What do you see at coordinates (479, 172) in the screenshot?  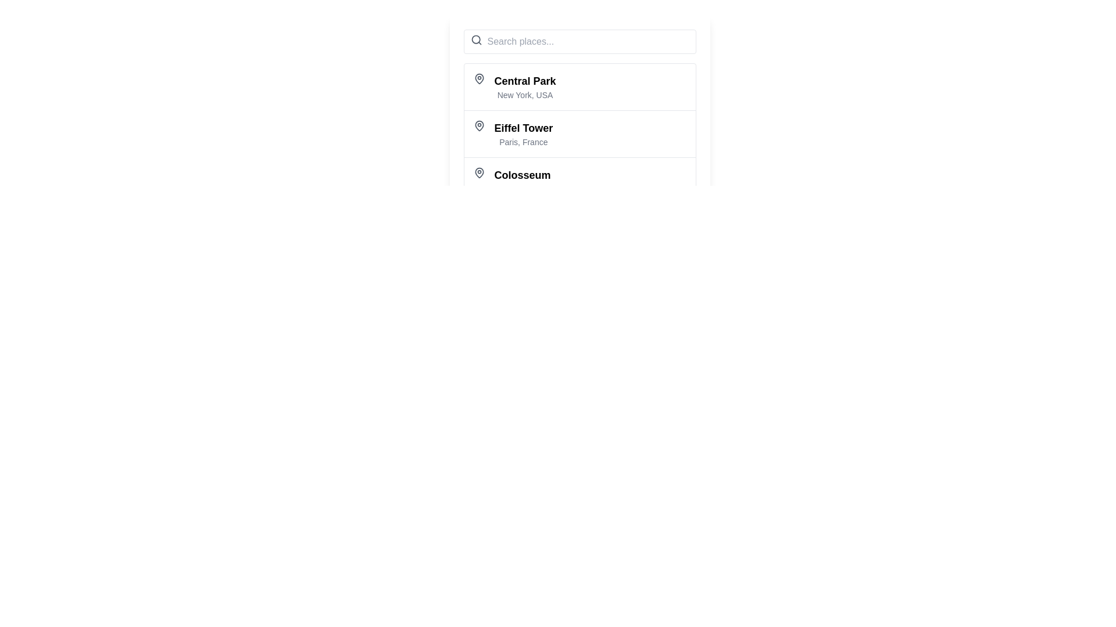 I see `the gray pin icon located at the start of the Colosseum entry row, adjacent to the text 'Colosseum, Rome, Italy.'` at bounding box center [479, 172].